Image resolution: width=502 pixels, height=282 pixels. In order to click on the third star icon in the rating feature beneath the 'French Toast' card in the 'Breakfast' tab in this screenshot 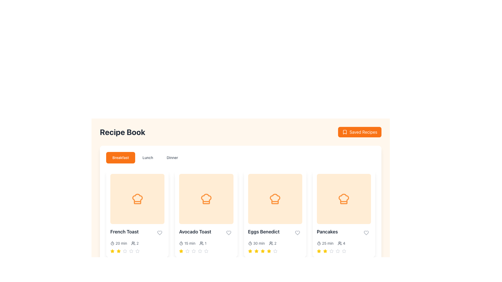, I will do `click(131, 251)`.